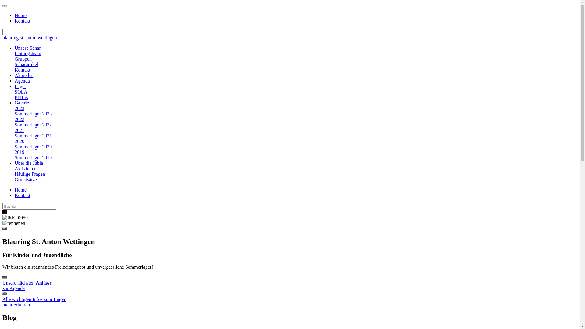  Describe the element at coordinates (15, 124) in the screenshot. I see `'Sommerlager 2022'` at that location.